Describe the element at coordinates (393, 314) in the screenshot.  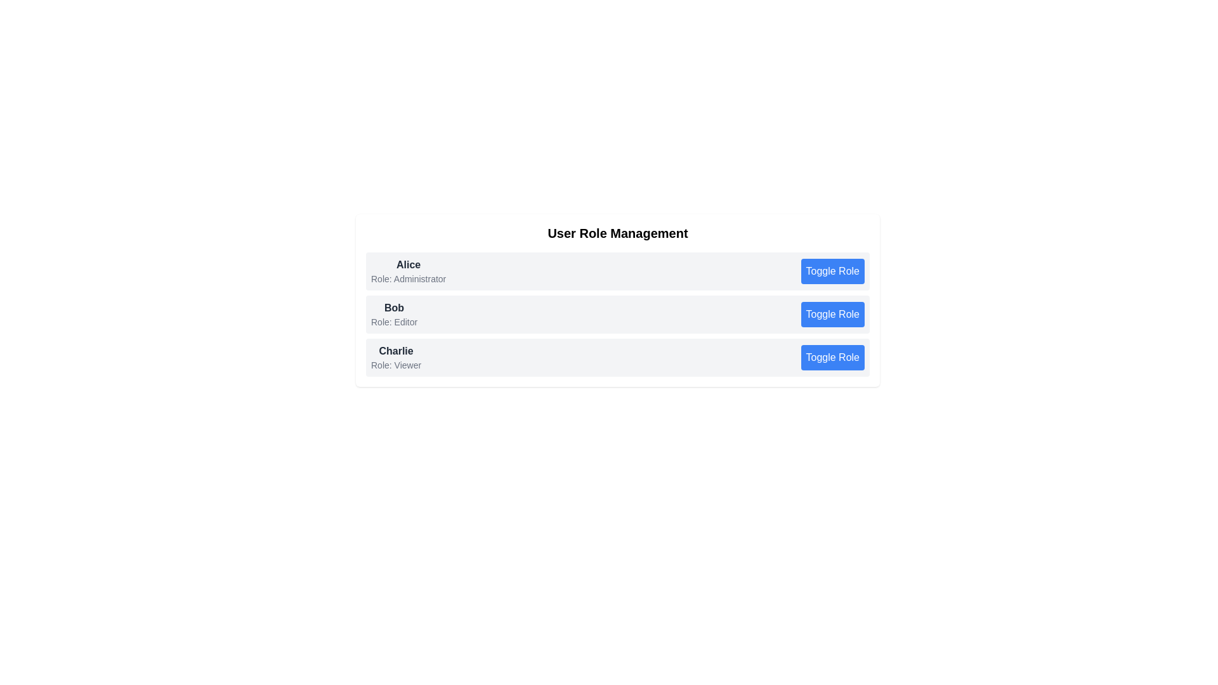
I see `the Text Display that shows information about user 'Bob' as 'Editor', located to the left of the 'Toggle Role' button` at that location.